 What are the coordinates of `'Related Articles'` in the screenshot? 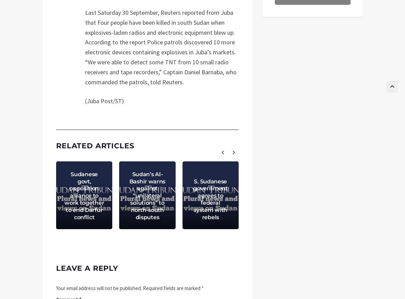 It's located at (55, 145).